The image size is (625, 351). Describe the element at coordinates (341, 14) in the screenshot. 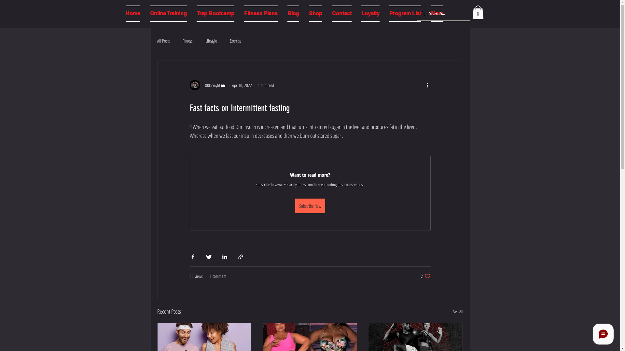

I see `'Contact'` at that location.